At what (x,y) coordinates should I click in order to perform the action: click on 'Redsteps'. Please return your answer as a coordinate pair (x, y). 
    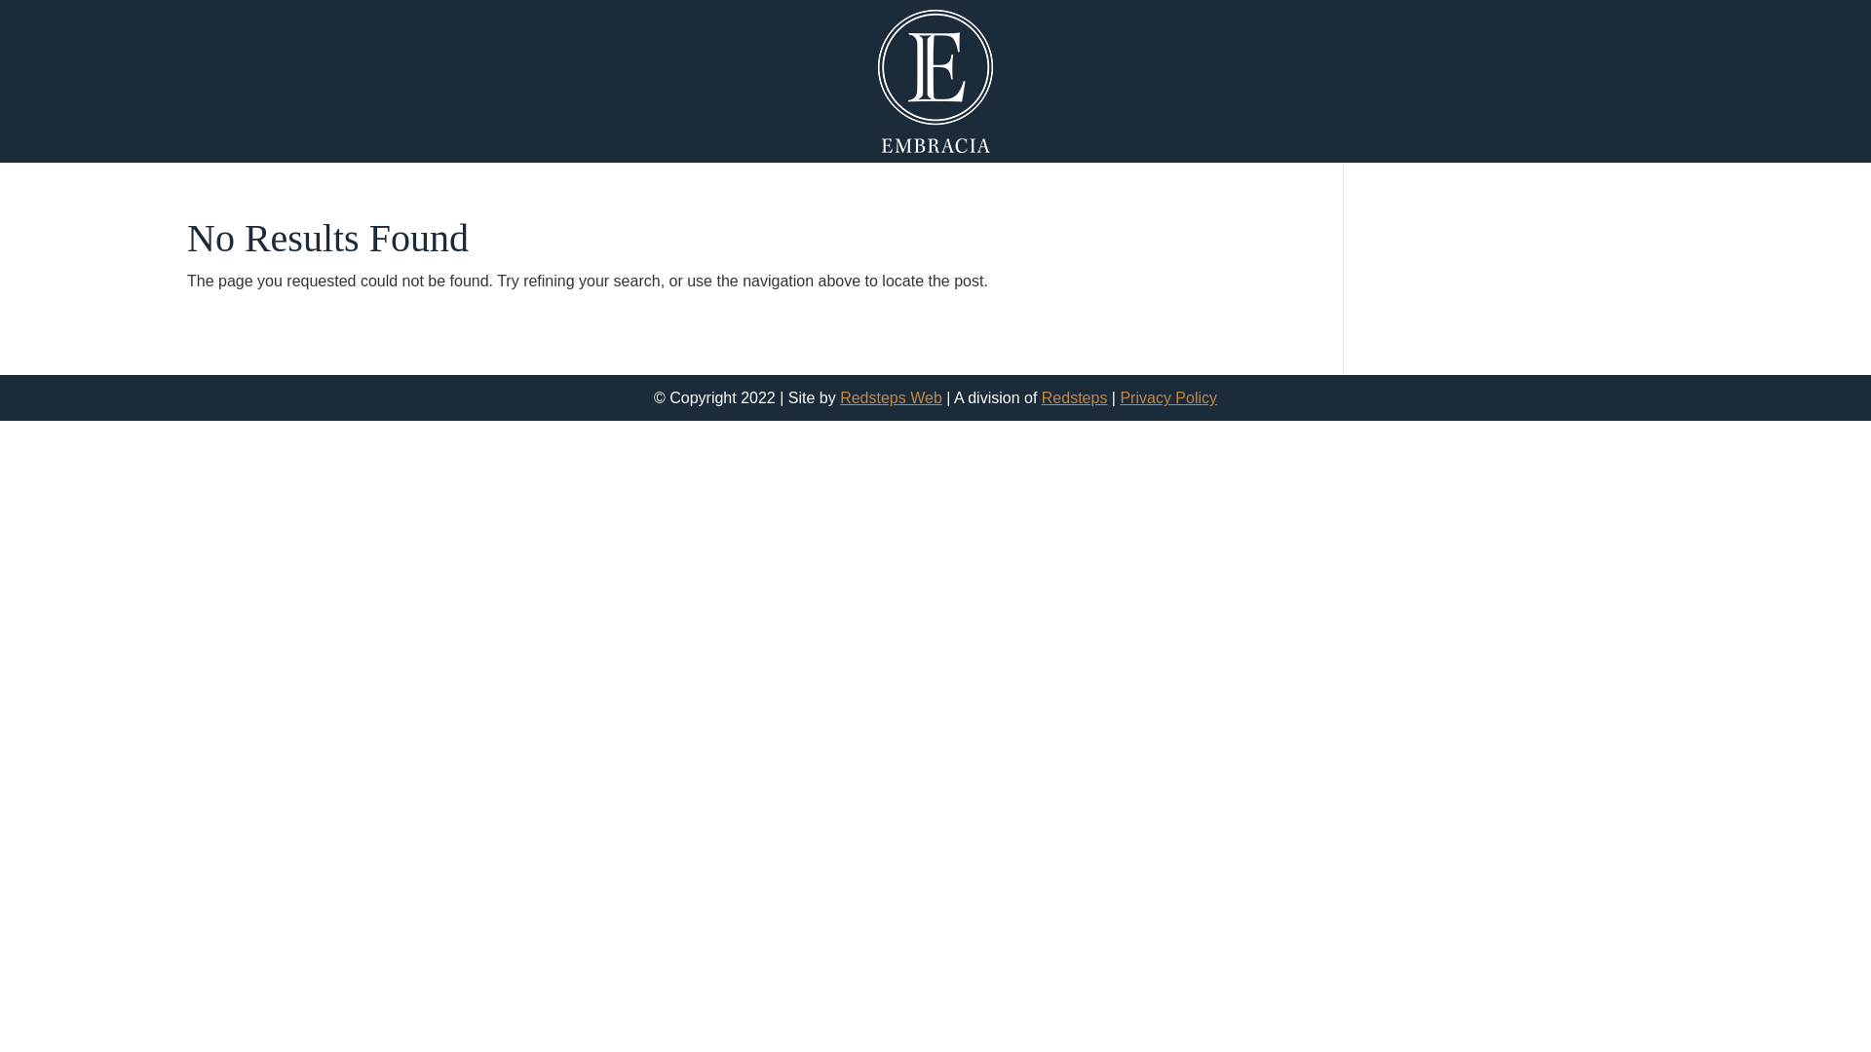
    Looking at the image, I should click on (1074, 396).